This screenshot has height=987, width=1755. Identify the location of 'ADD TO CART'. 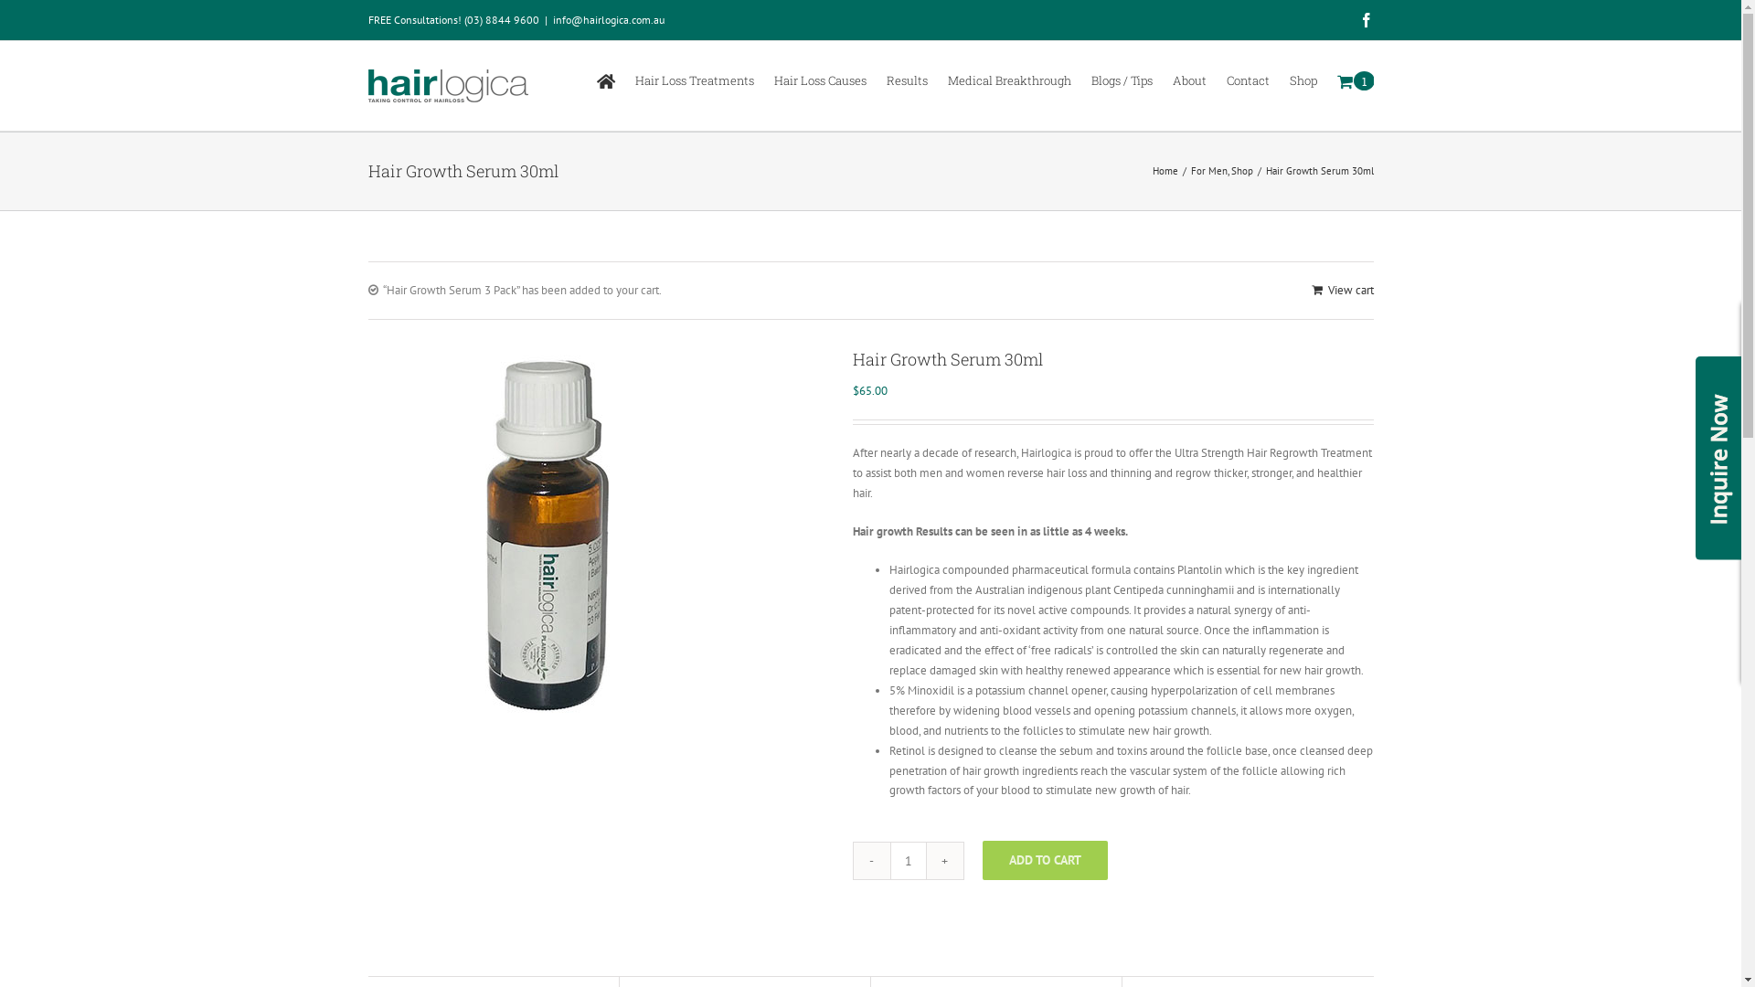
(1044, 860).